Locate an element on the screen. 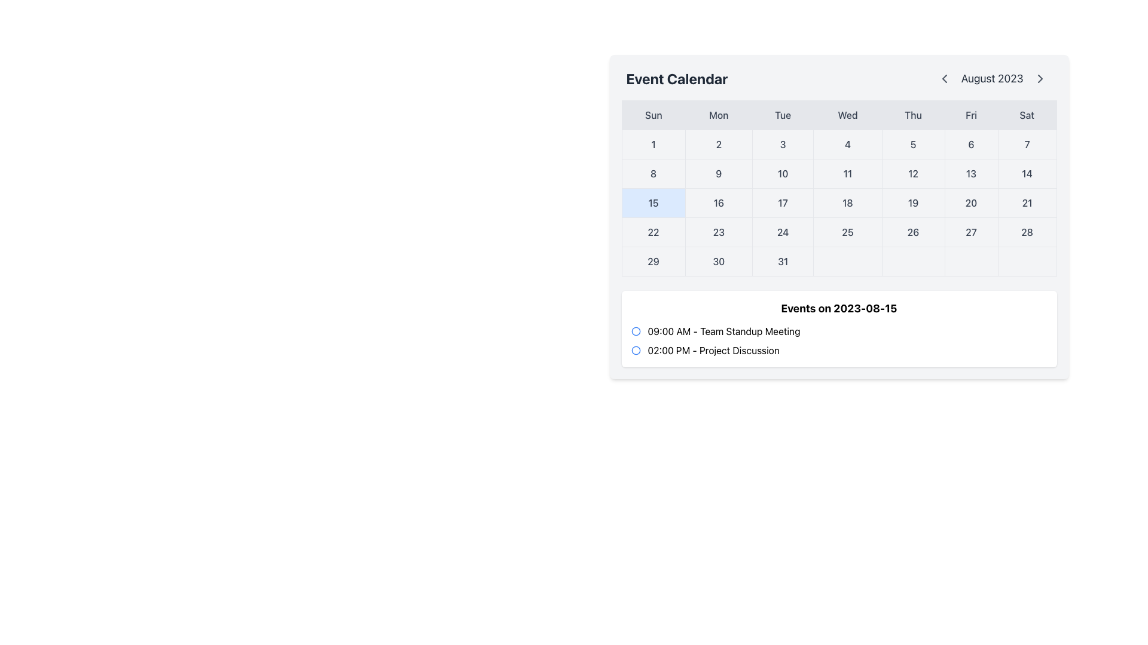 This screenshot has height=645, width=1148. the clickable calendar date representing the day 27, located between the dates 26 and 28 in the displayed month is located at coordinates (971, 232).